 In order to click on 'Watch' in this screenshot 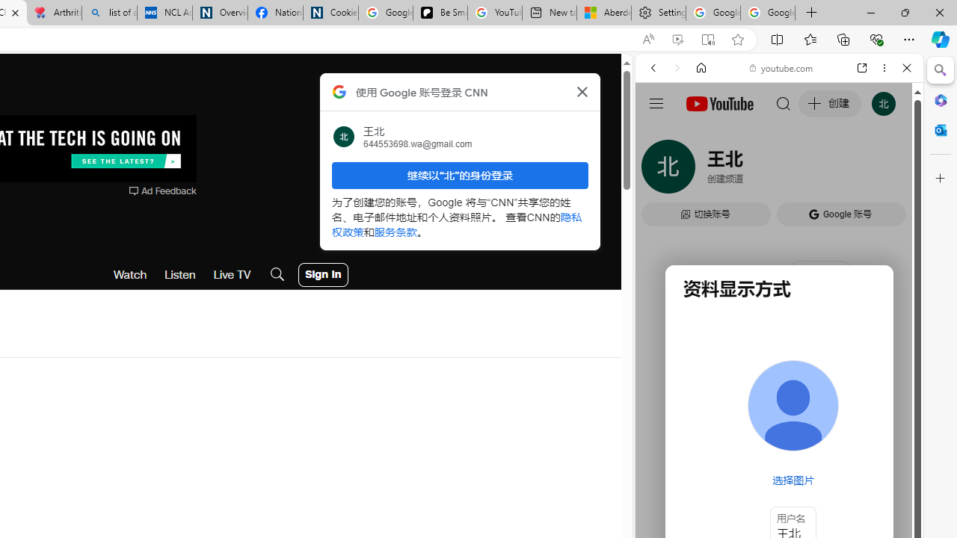, I will do `click(130, 274)`.